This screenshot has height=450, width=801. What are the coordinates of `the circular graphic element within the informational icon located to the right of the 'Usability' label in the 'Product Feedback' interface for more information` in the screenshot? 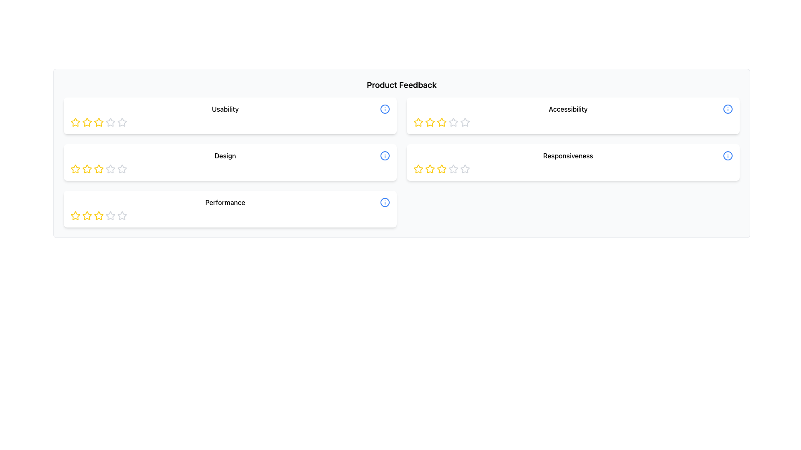 It's located at (384, 109).